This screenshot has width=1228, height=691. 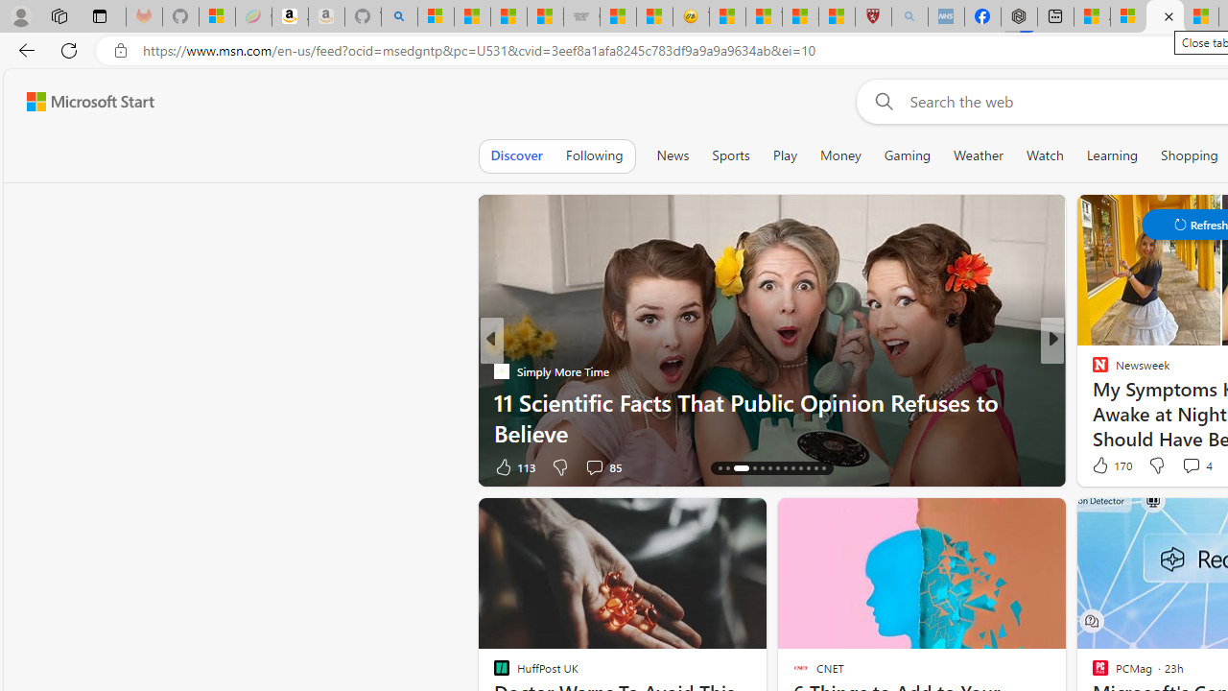 I want to click on 'Learning', so click(x=1112, y=155).